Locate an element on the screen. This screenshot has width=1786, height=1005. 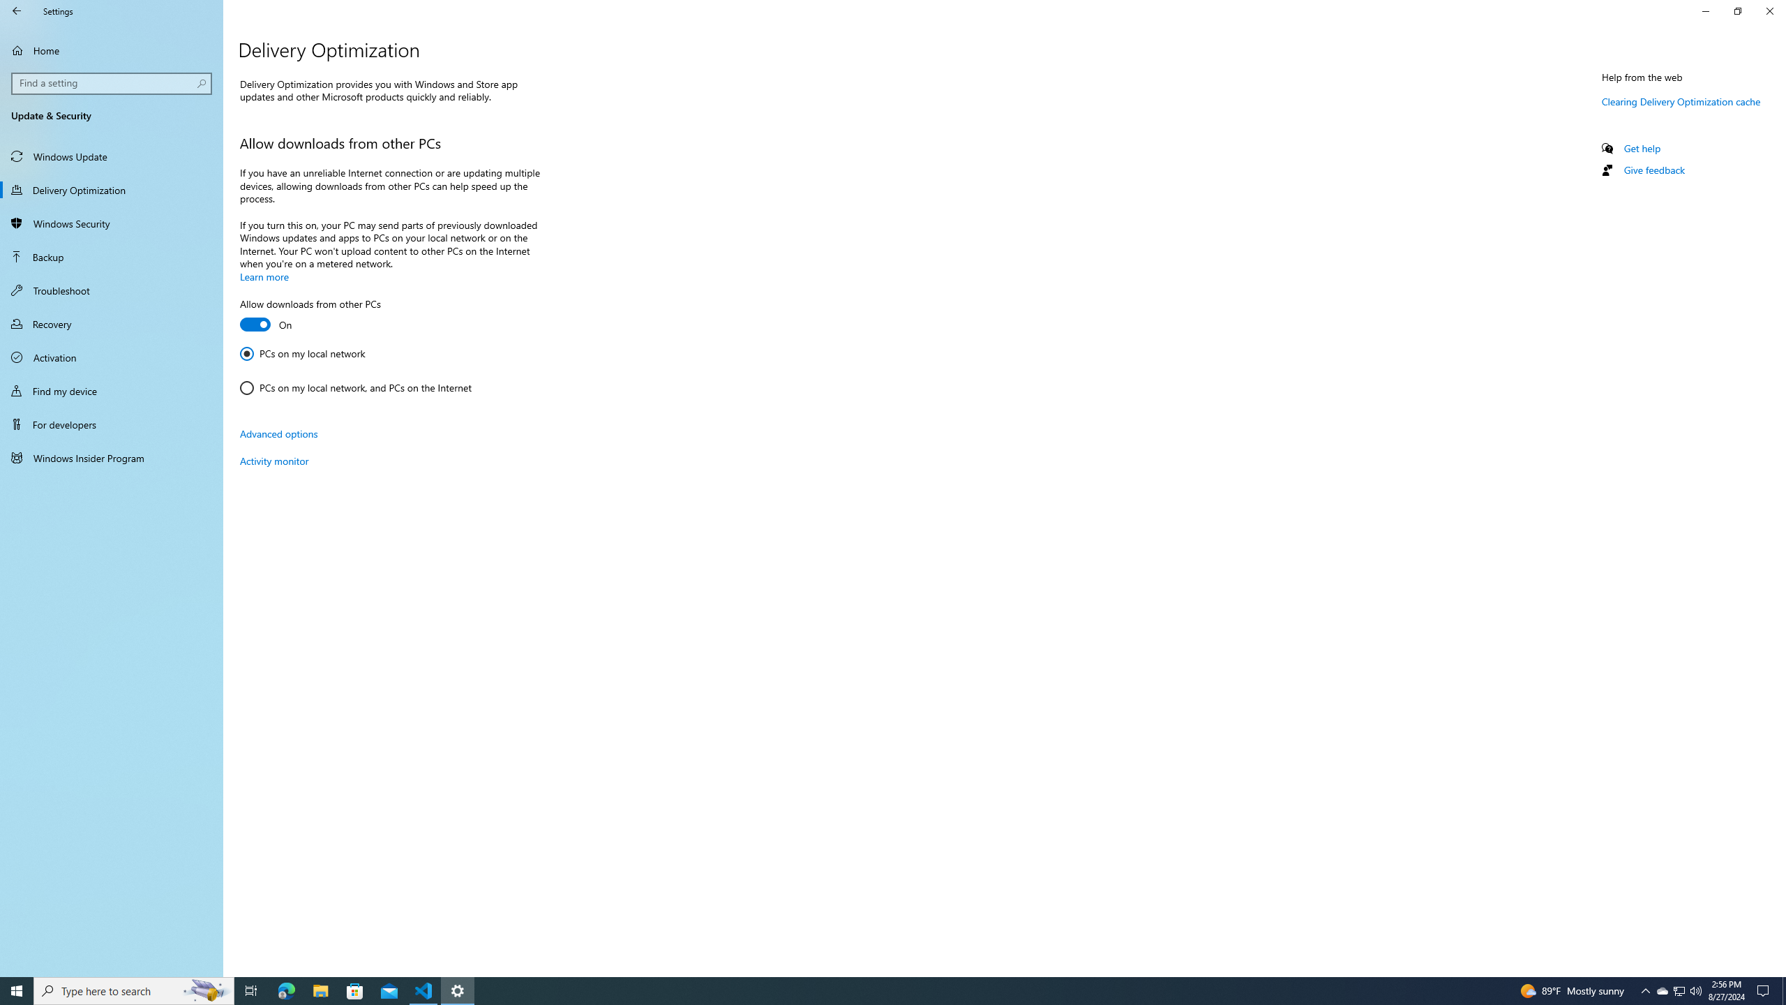
'Action Center, No new notifications' is located at coordinates (1765, 990).